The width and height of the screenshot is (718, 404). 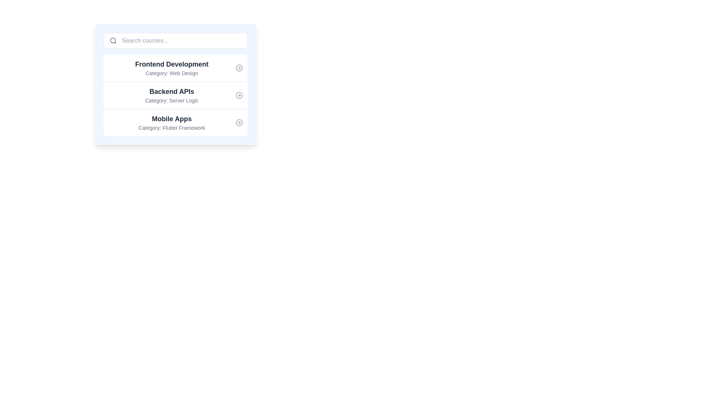 I want to click on the List Item displaying 'Frontend Development' for accessibility navigation, so click(x=175, y=68).